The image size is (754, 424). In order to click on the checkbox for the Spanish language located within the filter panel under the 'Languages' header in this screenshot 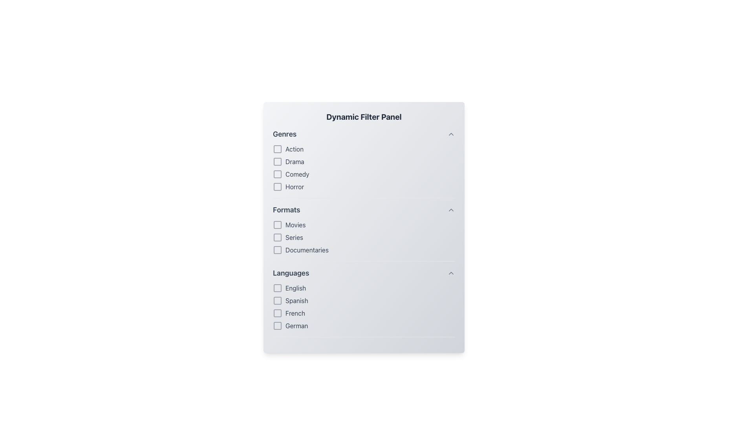, I will do `click(363, 300)`.